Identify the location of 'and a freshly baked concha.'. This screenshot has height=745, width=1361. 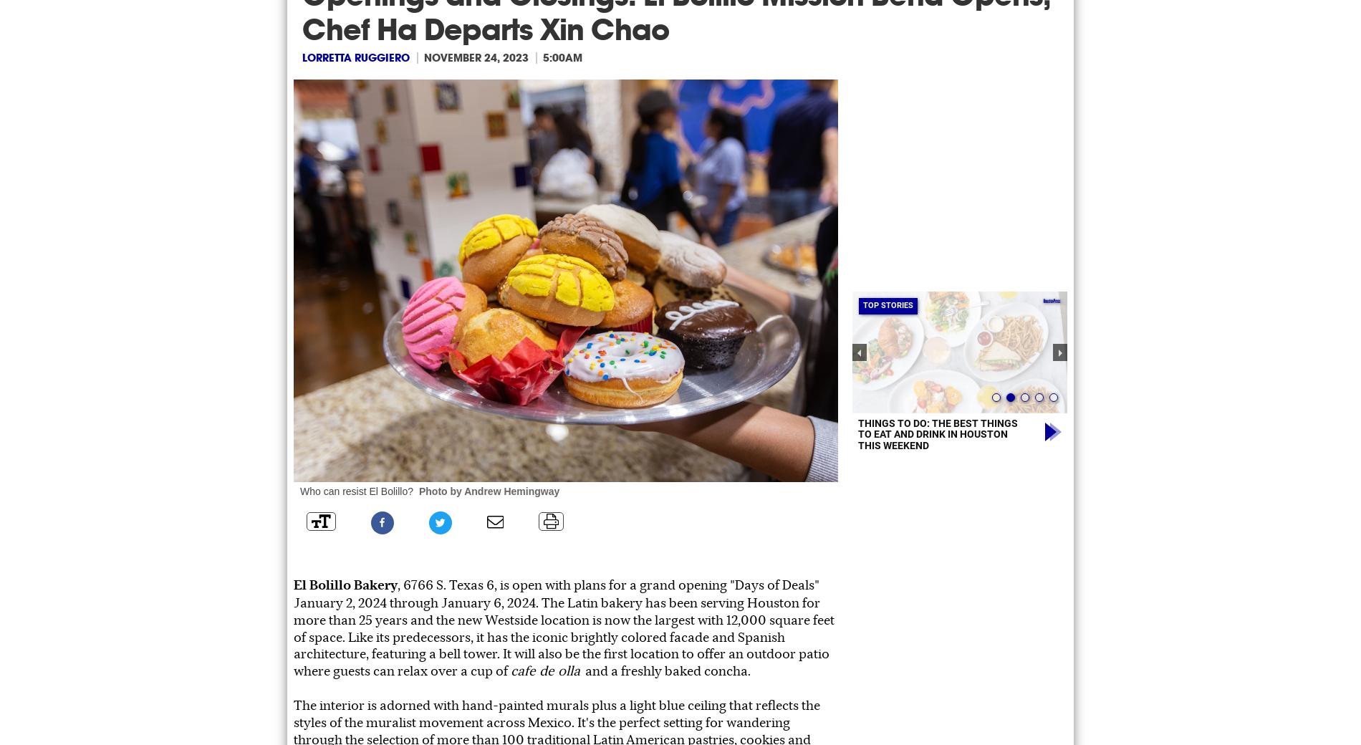
(667, 670).